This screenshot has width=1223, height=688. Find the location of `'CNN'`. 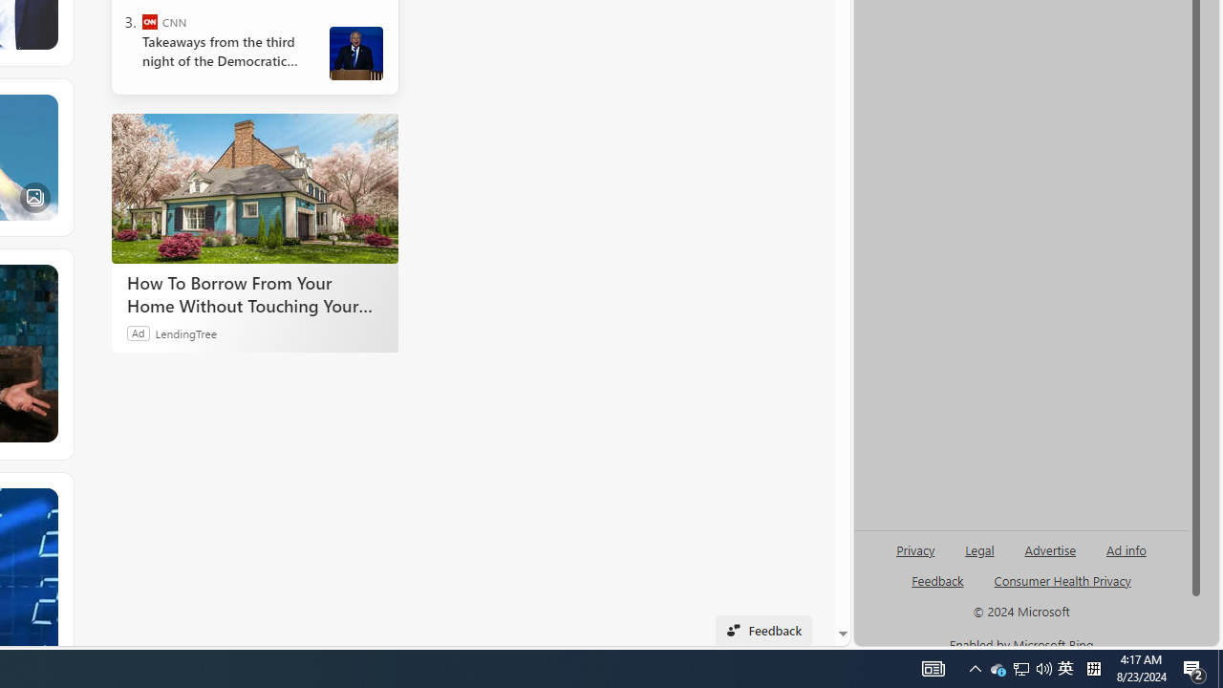

'CNN' is located at coordinates (148, 22).